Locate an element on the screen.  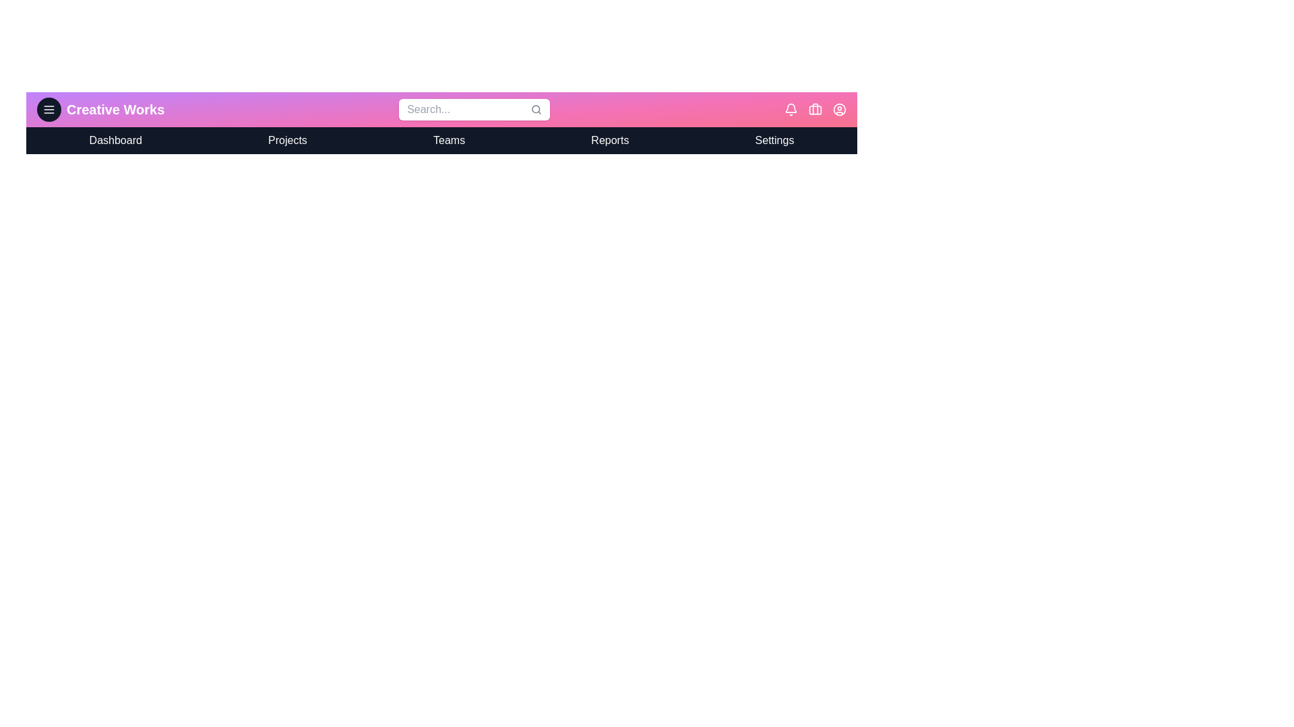
the circular button with the menu icon to toggle the menu visibility is located at coordinates (49, 108).